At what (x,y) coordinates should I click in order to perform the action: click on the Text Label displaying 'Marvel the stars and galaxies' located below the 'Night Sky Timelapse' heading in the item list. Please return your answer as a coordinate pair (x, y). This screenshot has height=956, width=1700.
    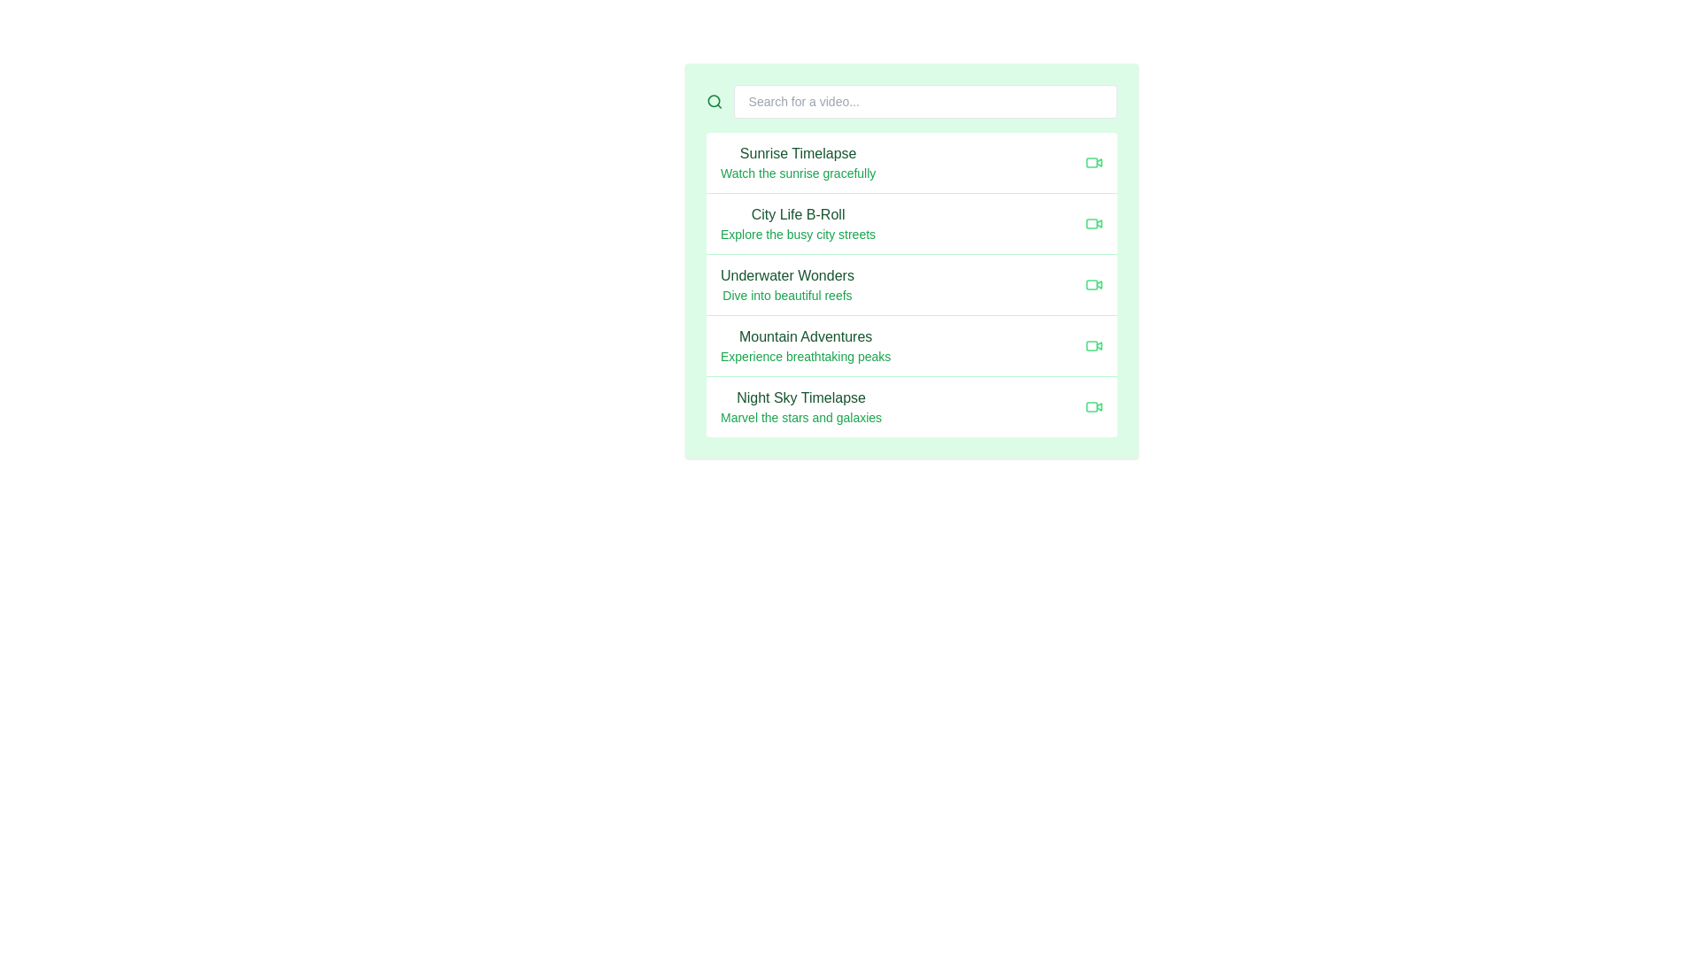
    Looking at the image, I should click on (800, 417).